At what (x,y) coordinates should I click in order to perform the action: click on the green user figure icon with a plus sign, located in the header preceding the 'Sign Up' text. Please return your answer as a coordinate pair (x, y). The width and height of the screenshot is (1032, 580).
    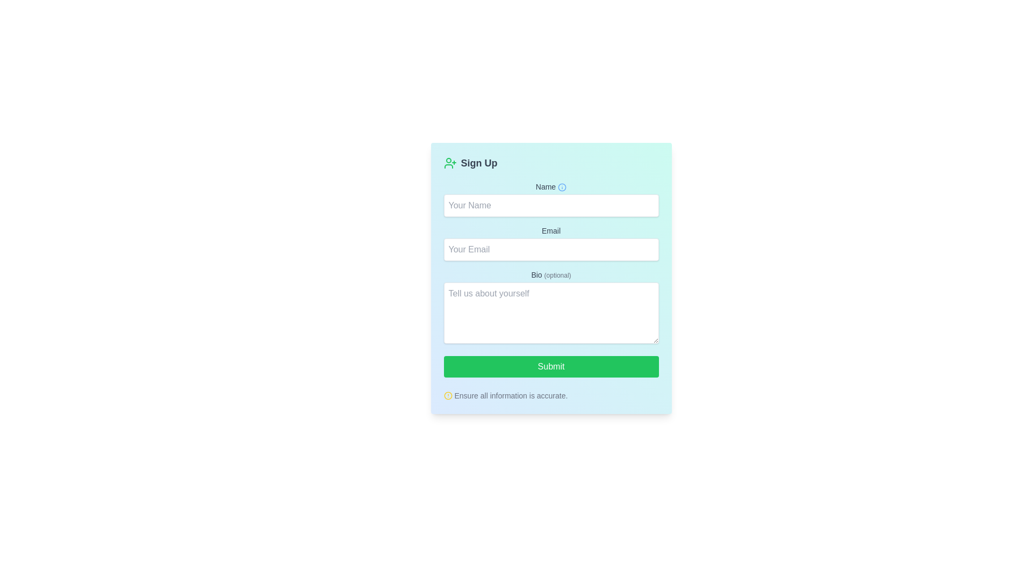
    Looking at the image, I should click on (450, 163).